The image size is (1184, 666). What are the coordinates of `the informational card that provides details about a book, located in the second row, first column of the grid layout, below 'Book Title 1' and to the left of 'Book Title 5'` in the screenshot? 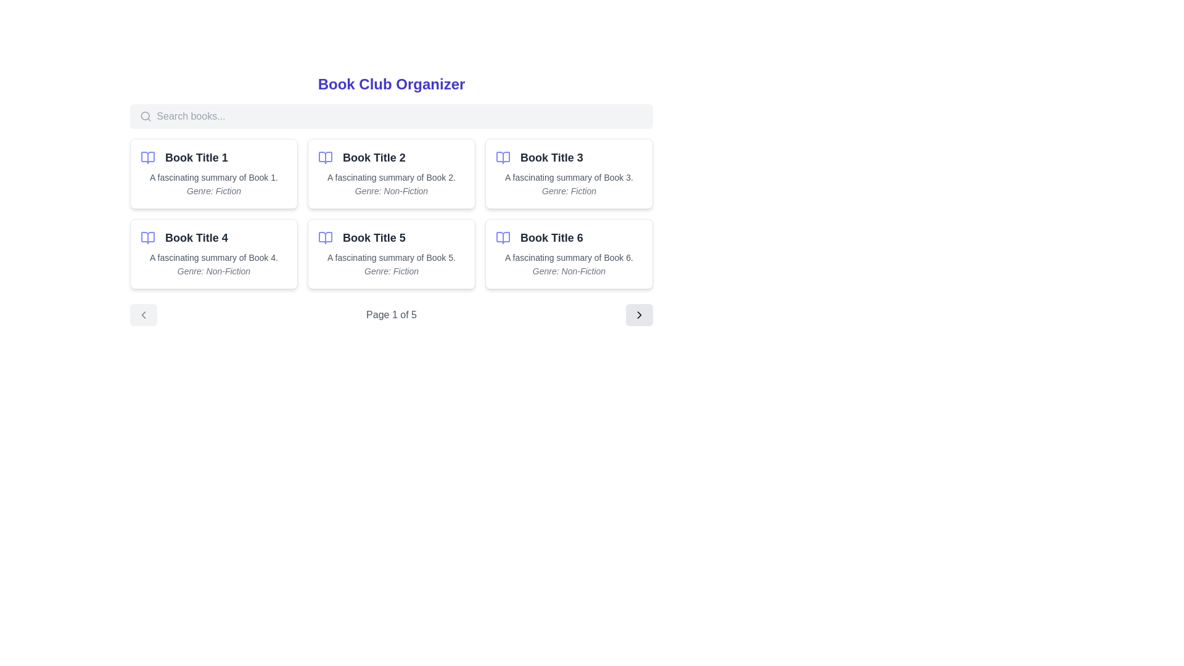 It's located at (213, 253).